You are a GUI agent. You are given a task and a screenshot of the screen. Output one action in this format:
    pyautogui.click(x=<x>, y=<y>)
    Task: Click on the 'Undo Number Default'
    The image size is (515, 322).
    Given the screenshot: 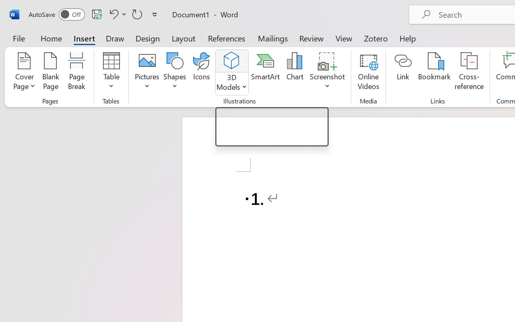 What is the action you would take?
    pyautogui.click(x=112, y=14)
    